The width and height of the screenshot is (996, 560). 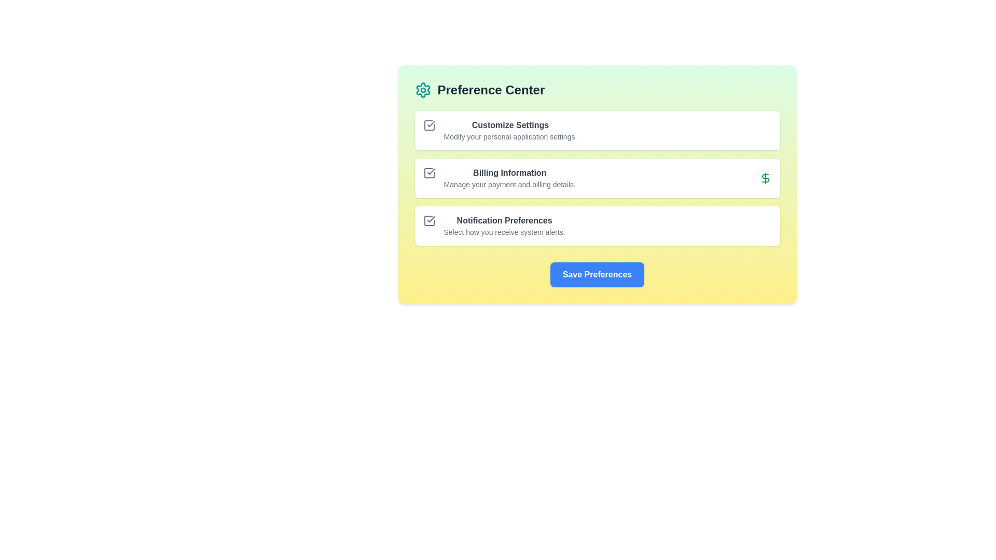 I want to click on the 'Save Preferences' button located at the bottom of the 'Preference Center' card, so click(x=597, y=274).